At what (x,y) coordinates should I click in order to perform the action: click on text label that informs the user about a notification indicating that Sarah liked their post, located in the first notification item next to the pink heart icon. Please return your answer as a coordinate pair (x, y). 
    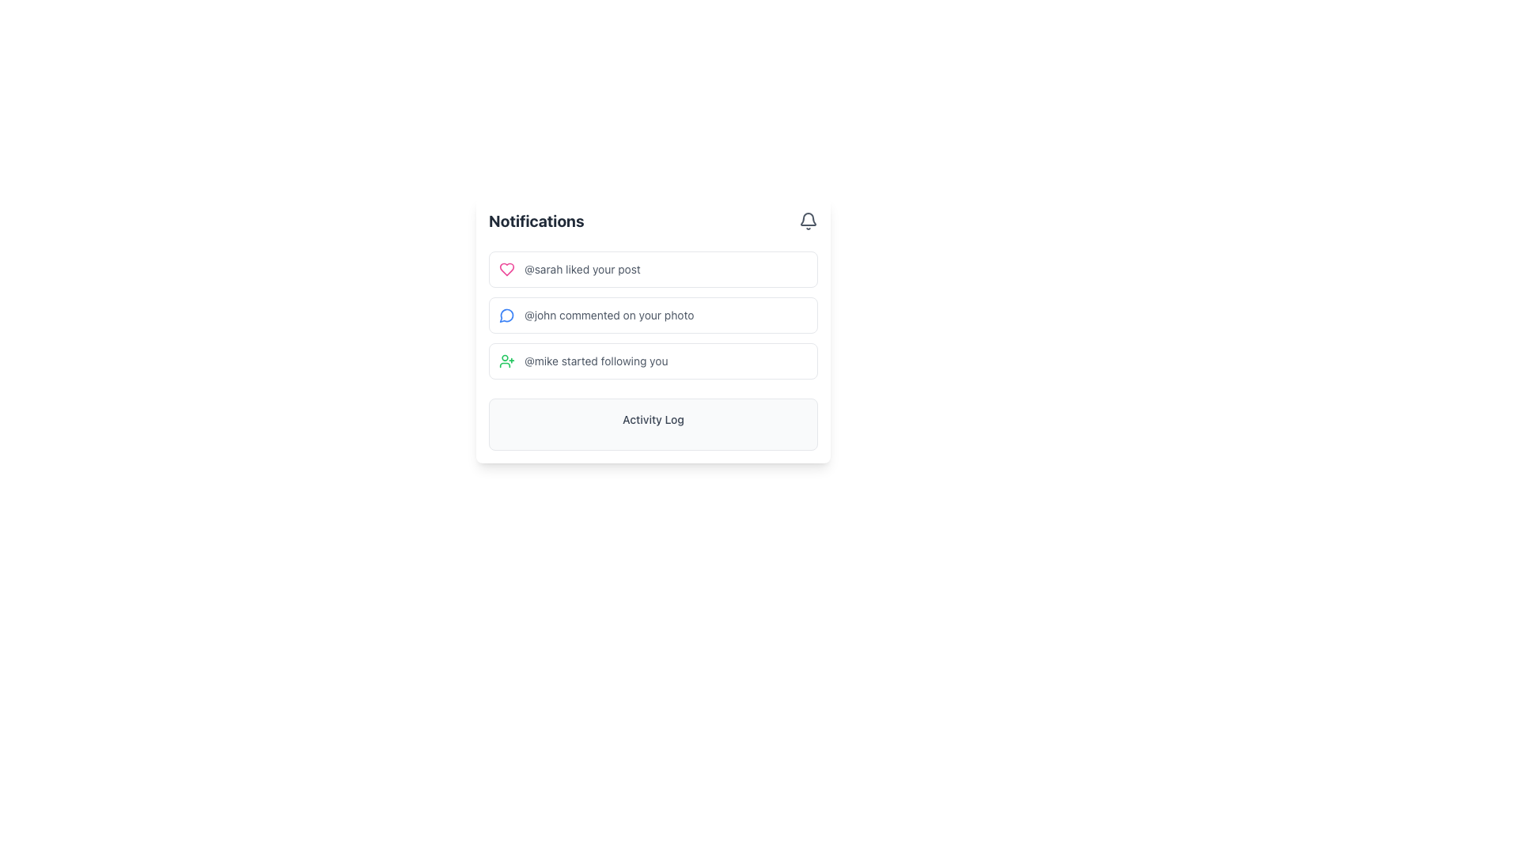
    Looking at the image, I should click on (581, 268).